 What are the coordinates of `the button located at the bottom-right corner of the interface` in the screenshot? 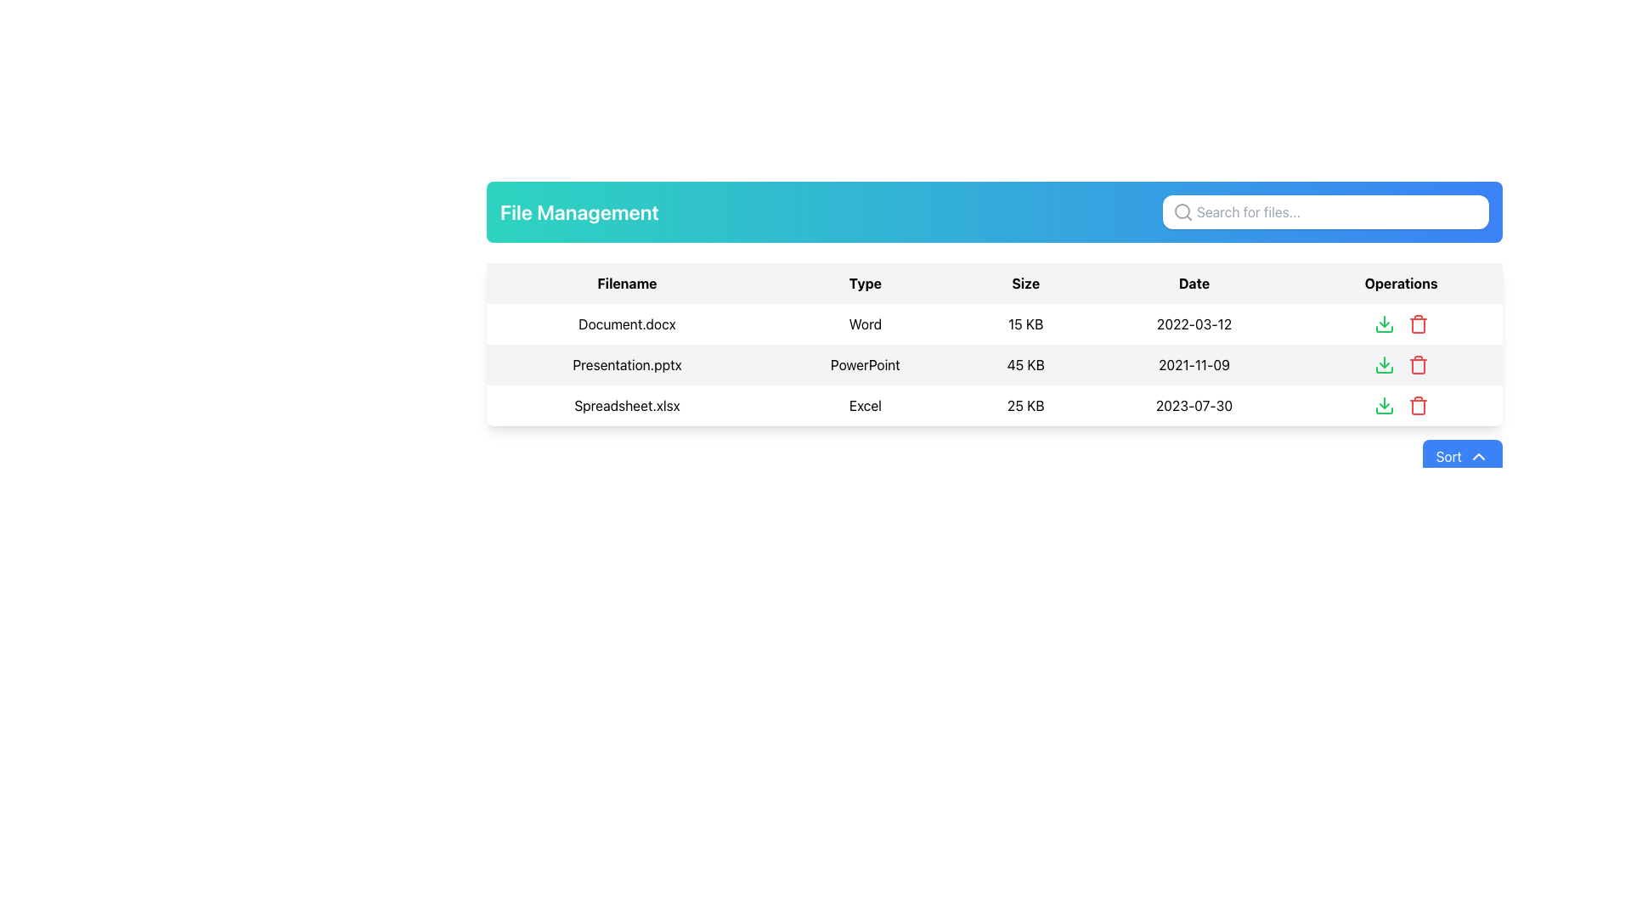 It's located at (1461, 455).